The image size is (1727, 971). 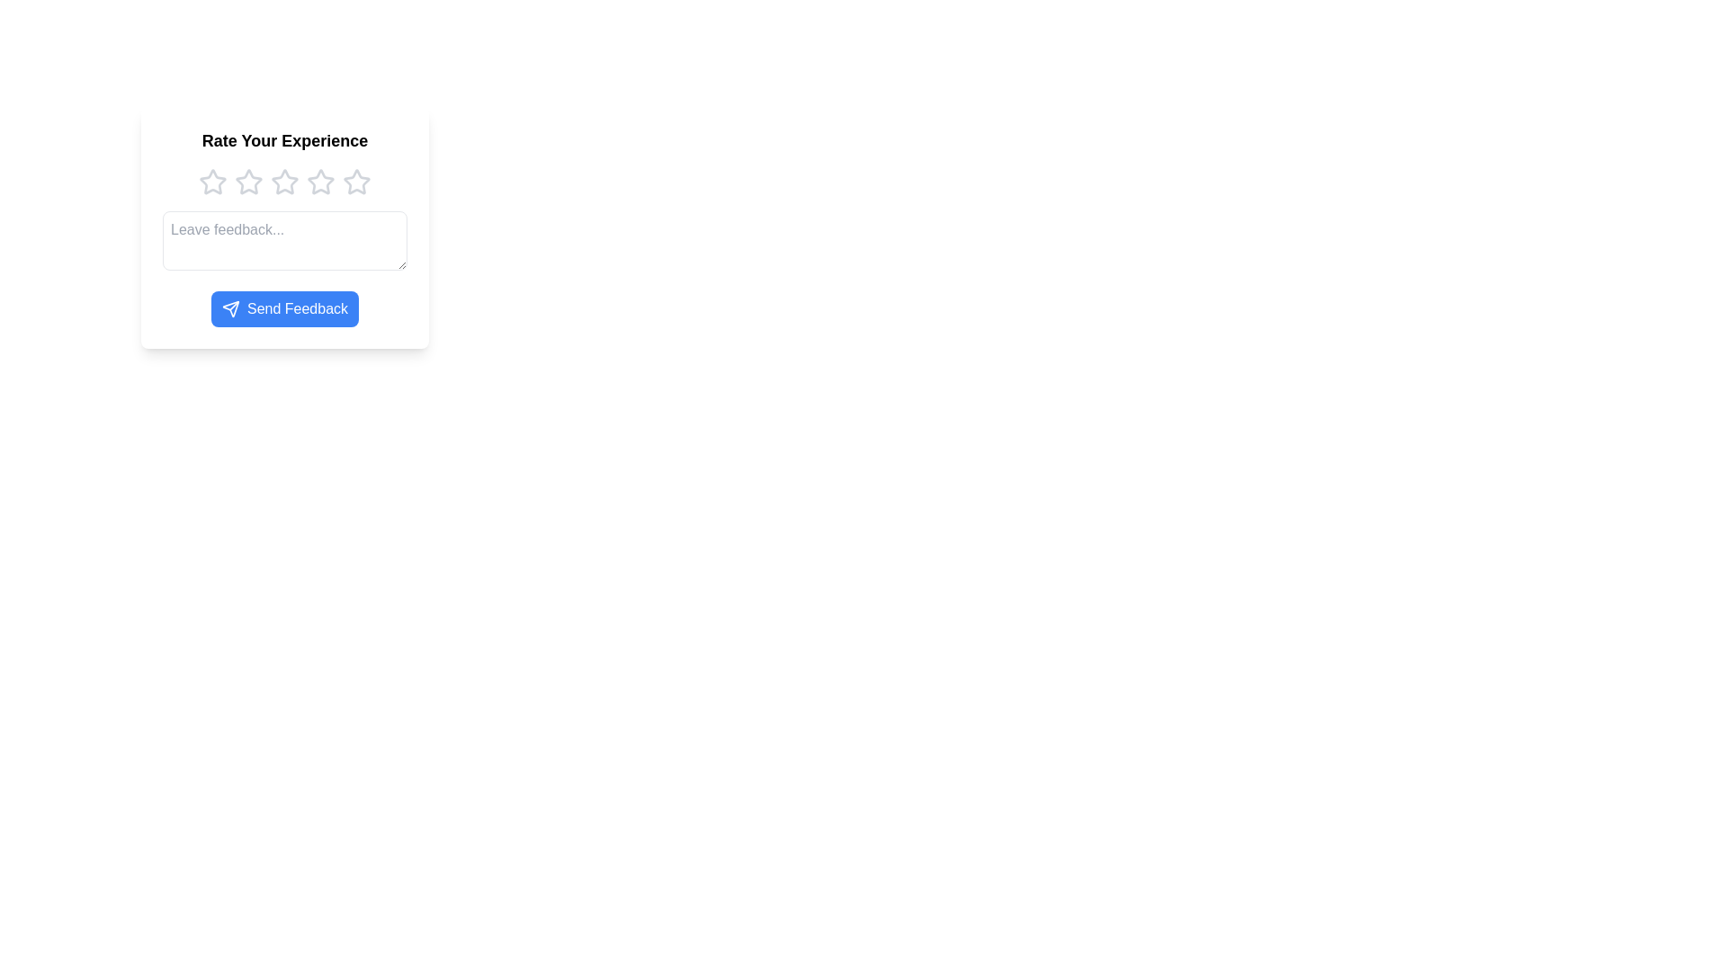 I want to click on the submit button for the feedback form, which is located at the bottom of the card layout, to change its background color, so click(x=283, y=307).